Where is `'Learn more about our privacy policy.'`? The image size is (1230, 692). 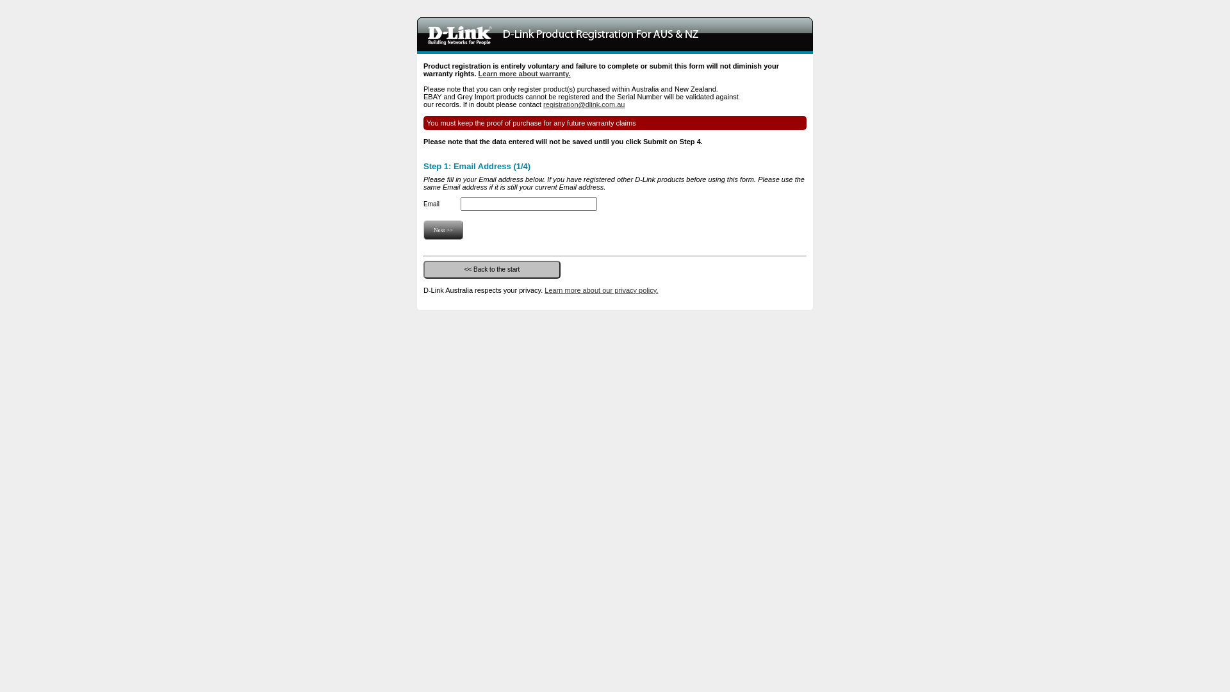 'Learn more about our privacy policy.' is located at coordinates (600, 289).